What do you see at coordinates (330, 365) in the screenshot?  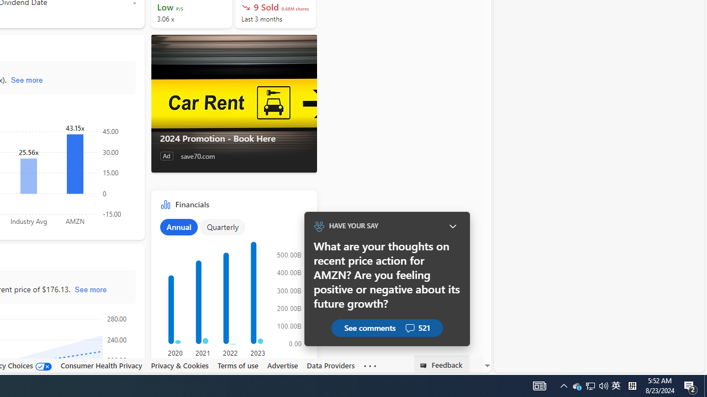 I see `'Data Providers'` at bounding box center [330, 365].